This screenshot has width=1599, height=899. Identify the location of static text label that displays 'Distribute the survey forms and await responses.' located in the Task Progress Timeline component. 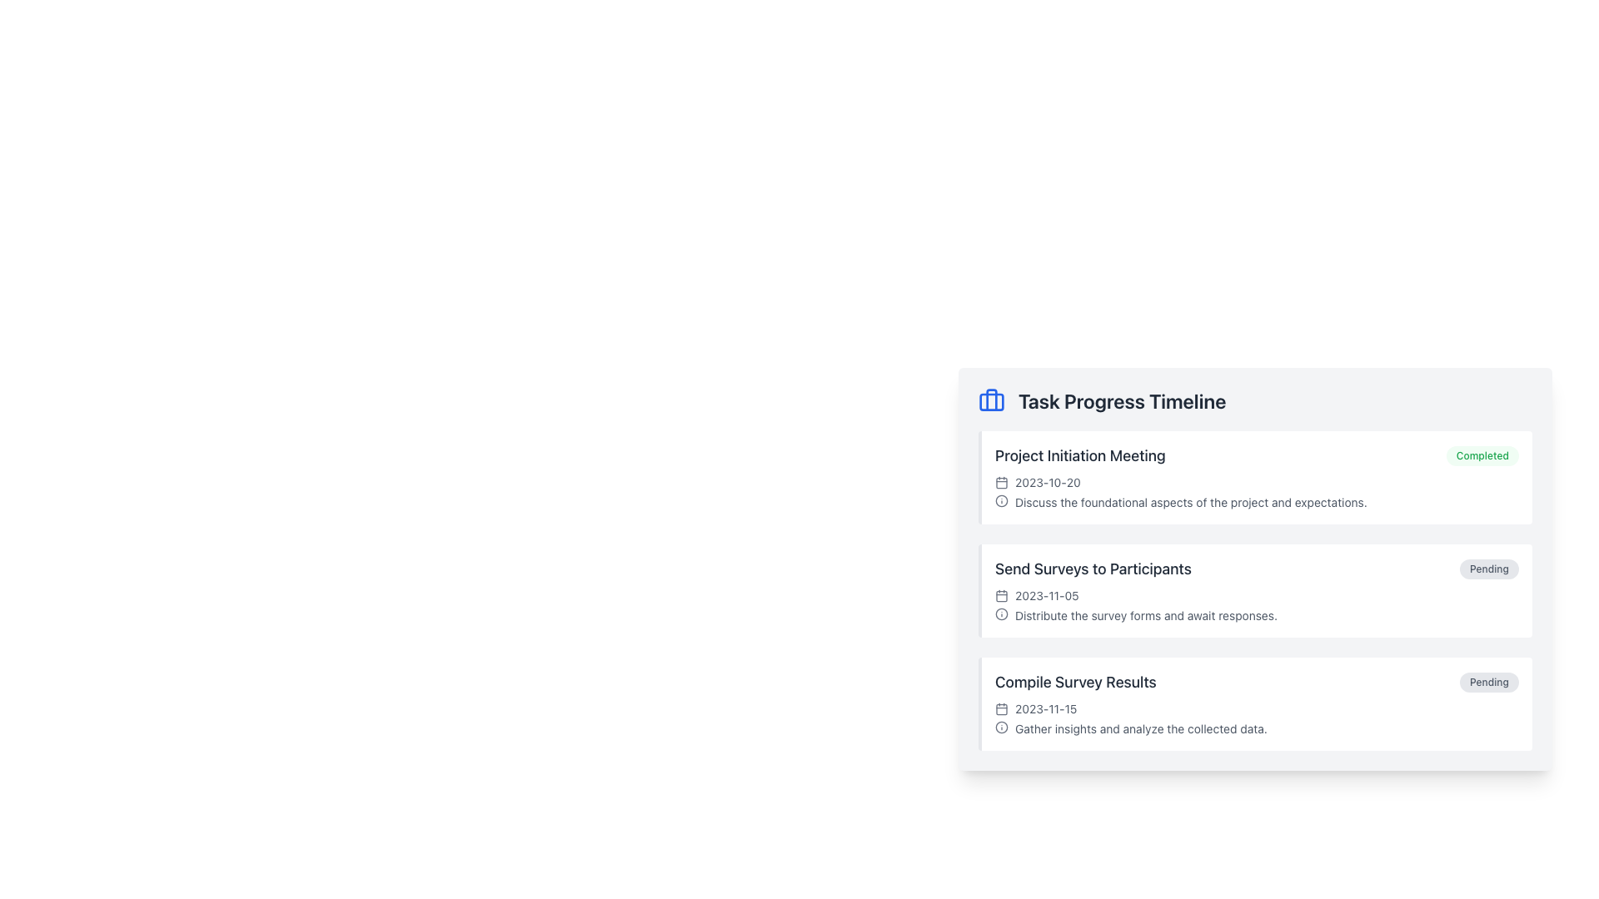
(1145, 616).